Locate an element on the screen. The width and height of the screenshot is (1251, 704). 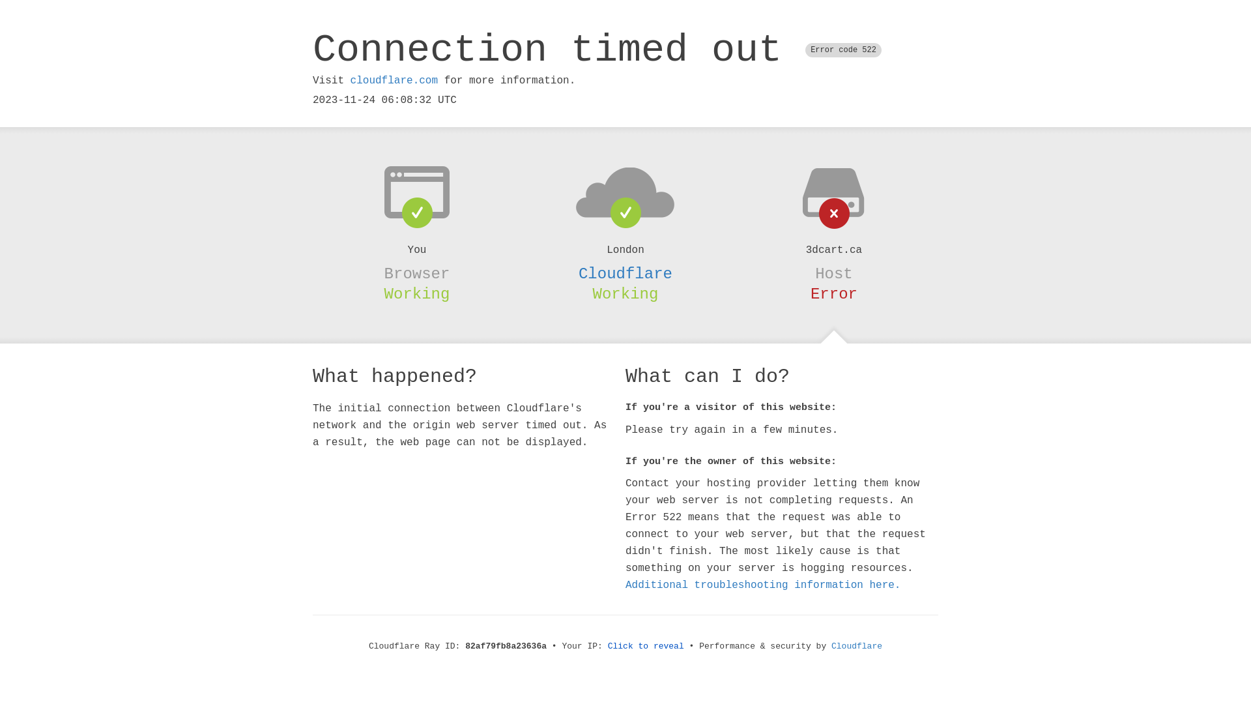
'Additional troubleshooting information here.' is located at coordinates (763, 585).